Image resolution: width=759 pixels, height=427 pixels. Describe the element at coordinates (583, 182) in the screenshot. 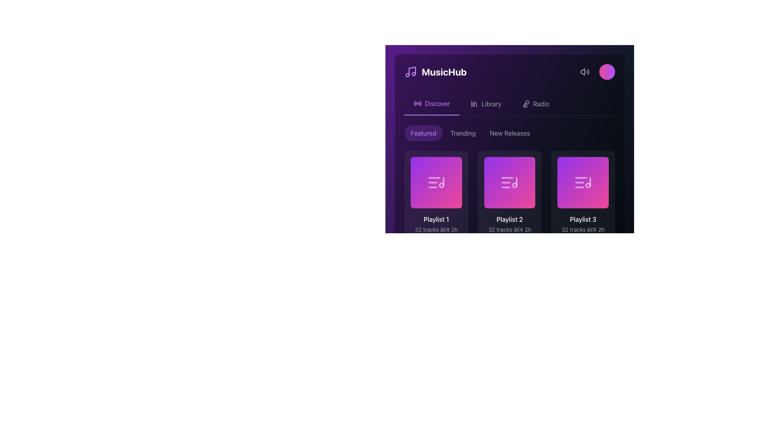

I see `the Playlist 3 icon, which is a music-related feature represented within a square card with rounded corners and a gradient background` at that location.